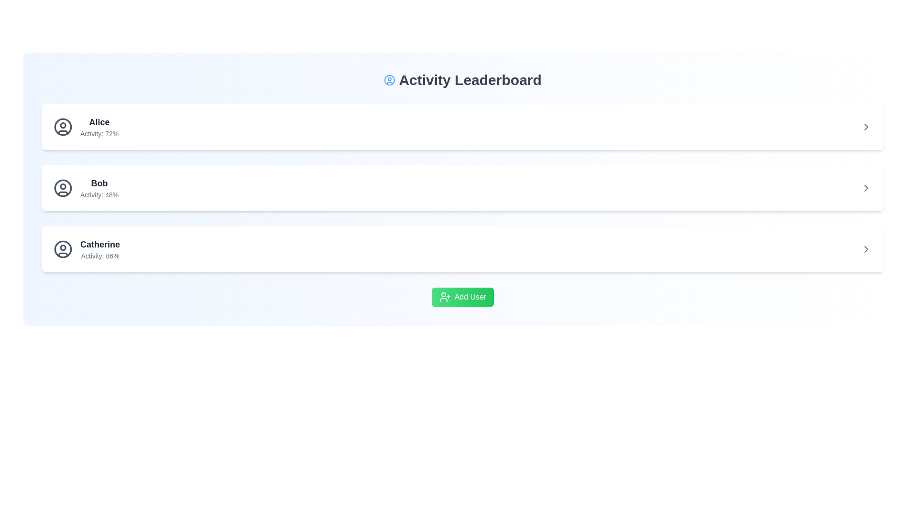 This screenshot has width=918, height=516. I want to click on the text element reading 'Catherine' in bold gray font located in the third row of the leaderboard list, so click(100, 244).